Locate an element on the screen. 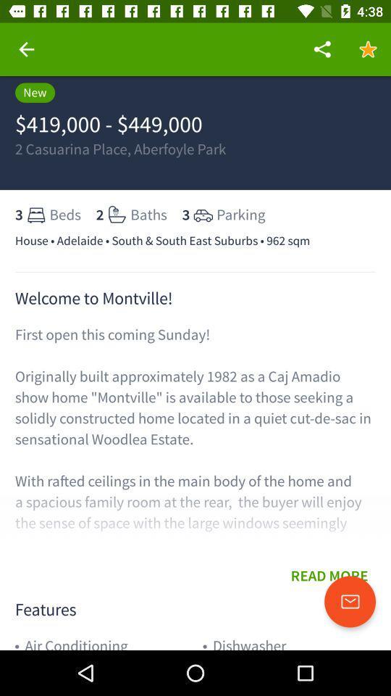 Image resolution: width=391 pixels, height=696 pixels. the email icon is located at coordinates (349, 602).